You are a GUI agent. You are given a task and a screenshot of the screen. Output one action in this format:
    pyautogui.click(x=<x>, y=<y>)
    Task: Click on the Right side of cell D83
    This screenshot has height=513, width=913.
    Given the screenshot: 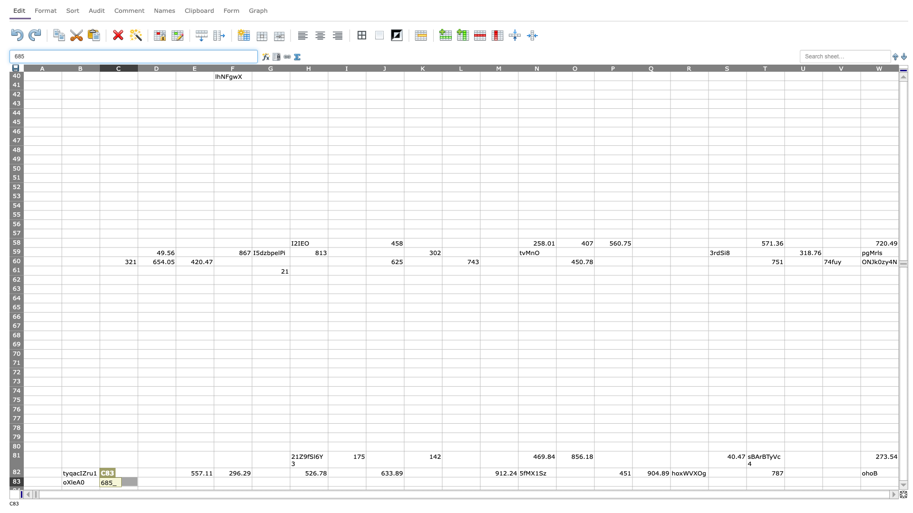 What is the action you would take?
    pyautogui.click(x=175, y=482)
    